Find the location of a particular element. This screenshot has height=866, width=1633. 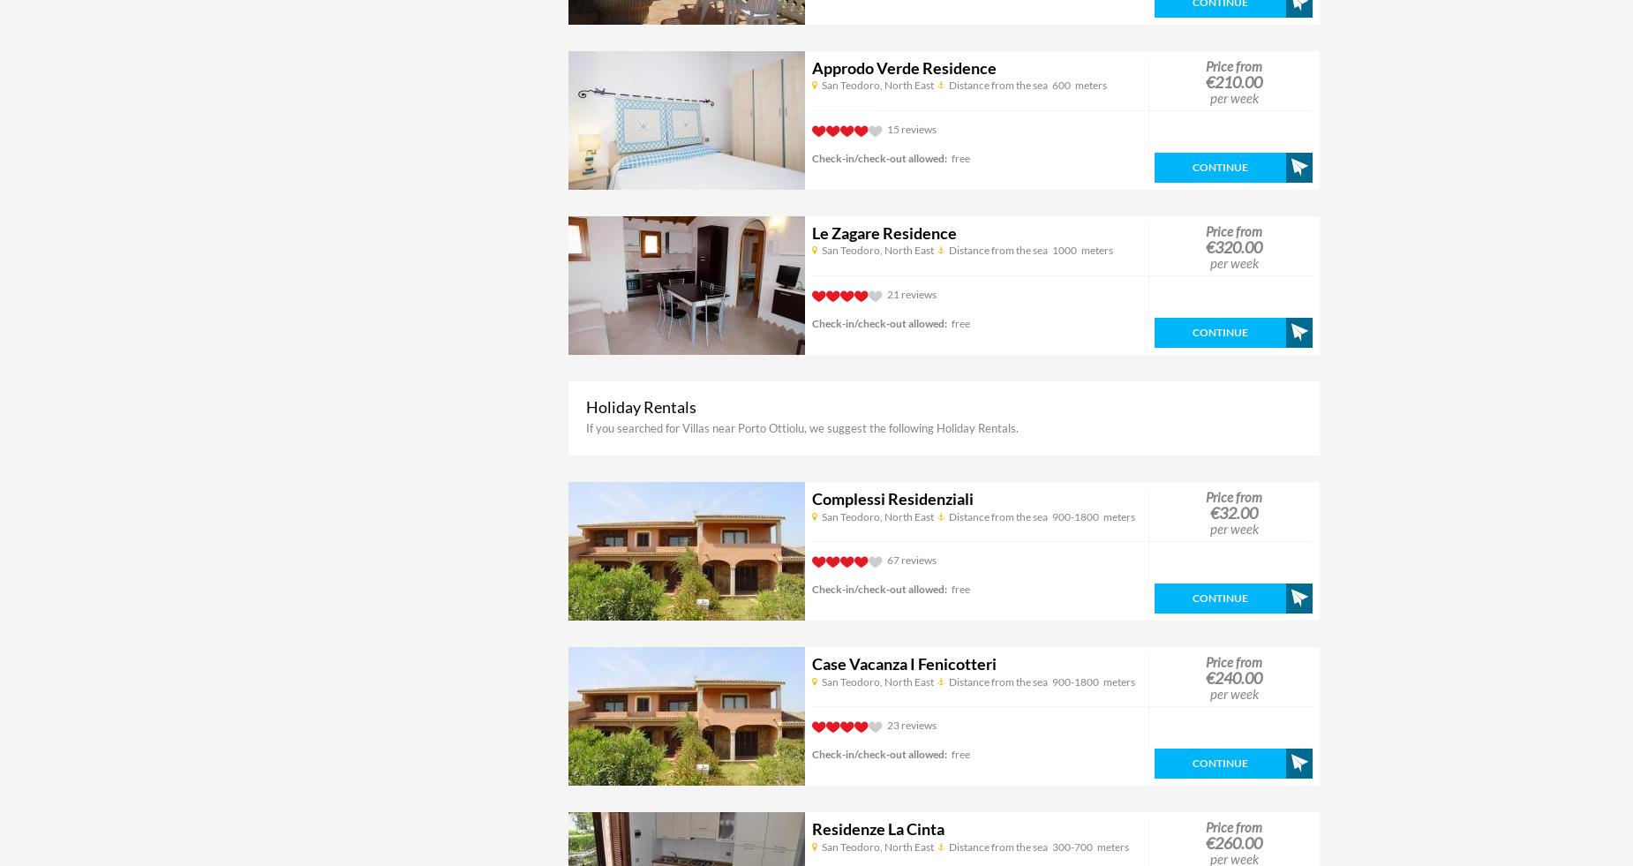

'600' is located at coordinates (1059, 84).